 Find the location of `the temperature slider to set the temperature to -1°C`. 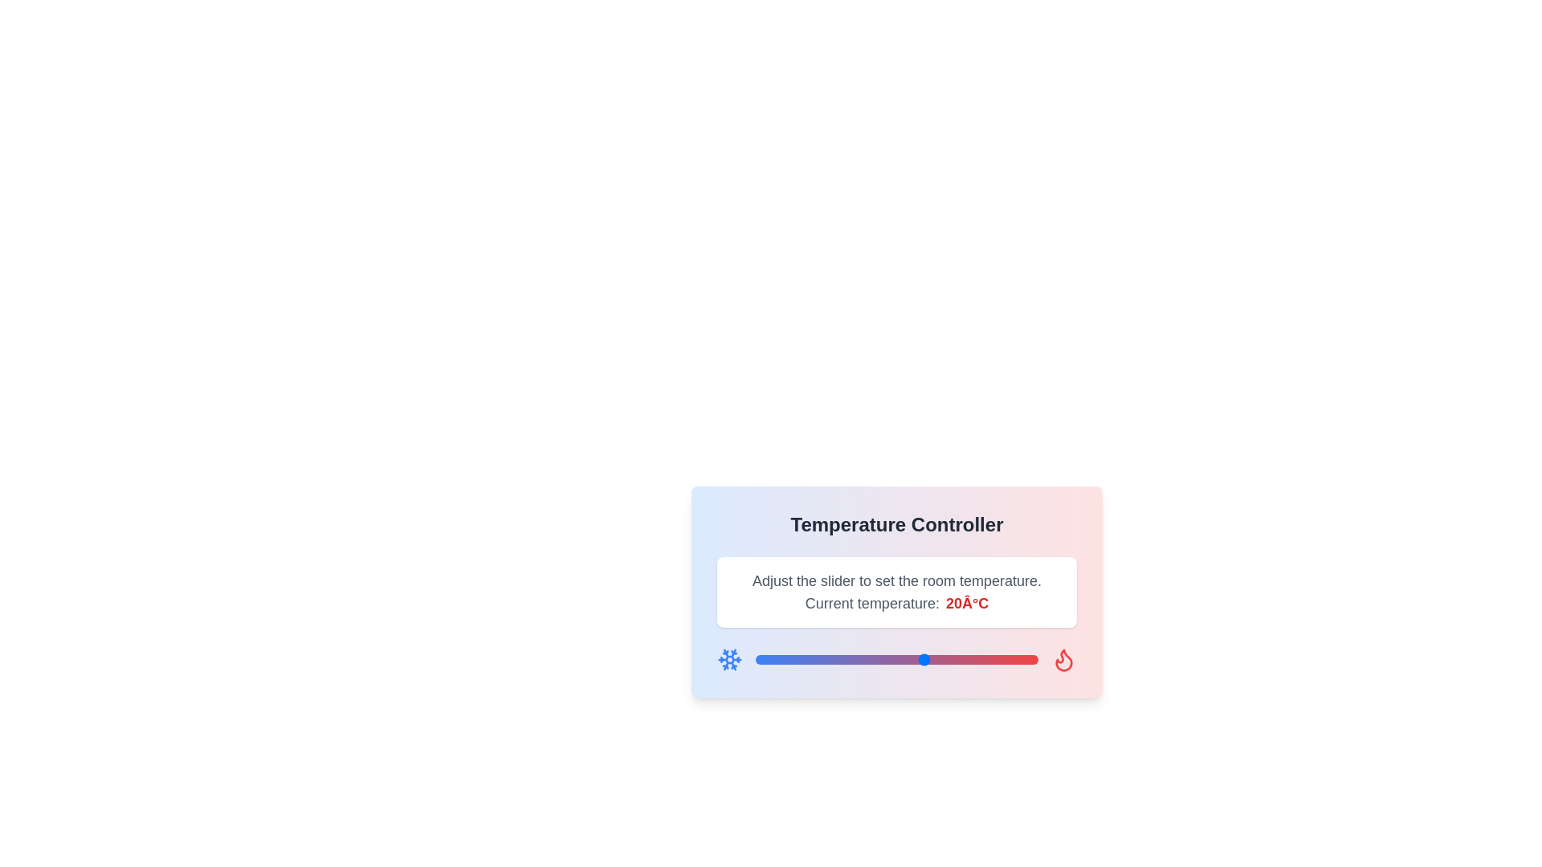

the temperature slider to set the temperature to -1°C is located at coordinates (806, 659).